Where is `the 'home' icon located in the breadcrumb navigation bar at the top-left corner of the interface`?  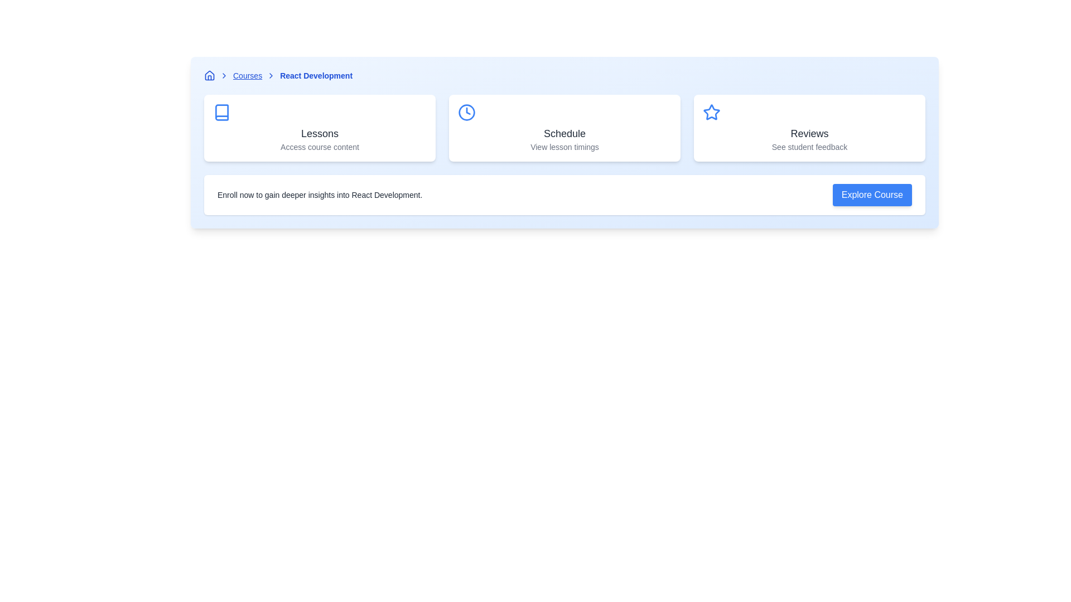 the 'home' icon located in the breadcrumb navigation bar at the top-left corner of the interface is located at coordinates (209, 75).